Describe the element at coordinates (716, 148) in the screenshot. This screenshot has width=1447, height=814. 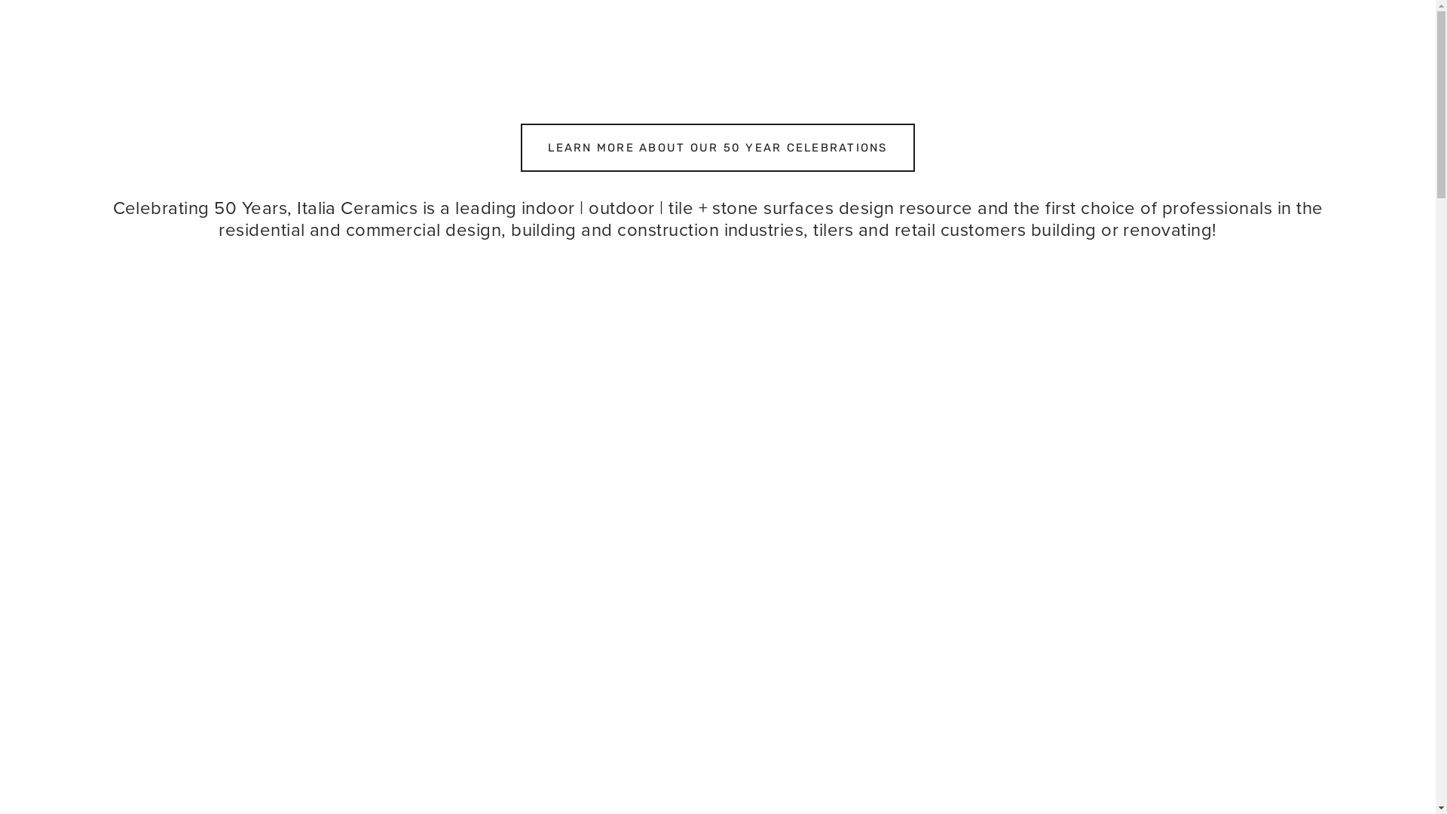
I see `'LEARN MORE ABOUT OUR 50 YEAR CELEBRATIONS'` at that location.